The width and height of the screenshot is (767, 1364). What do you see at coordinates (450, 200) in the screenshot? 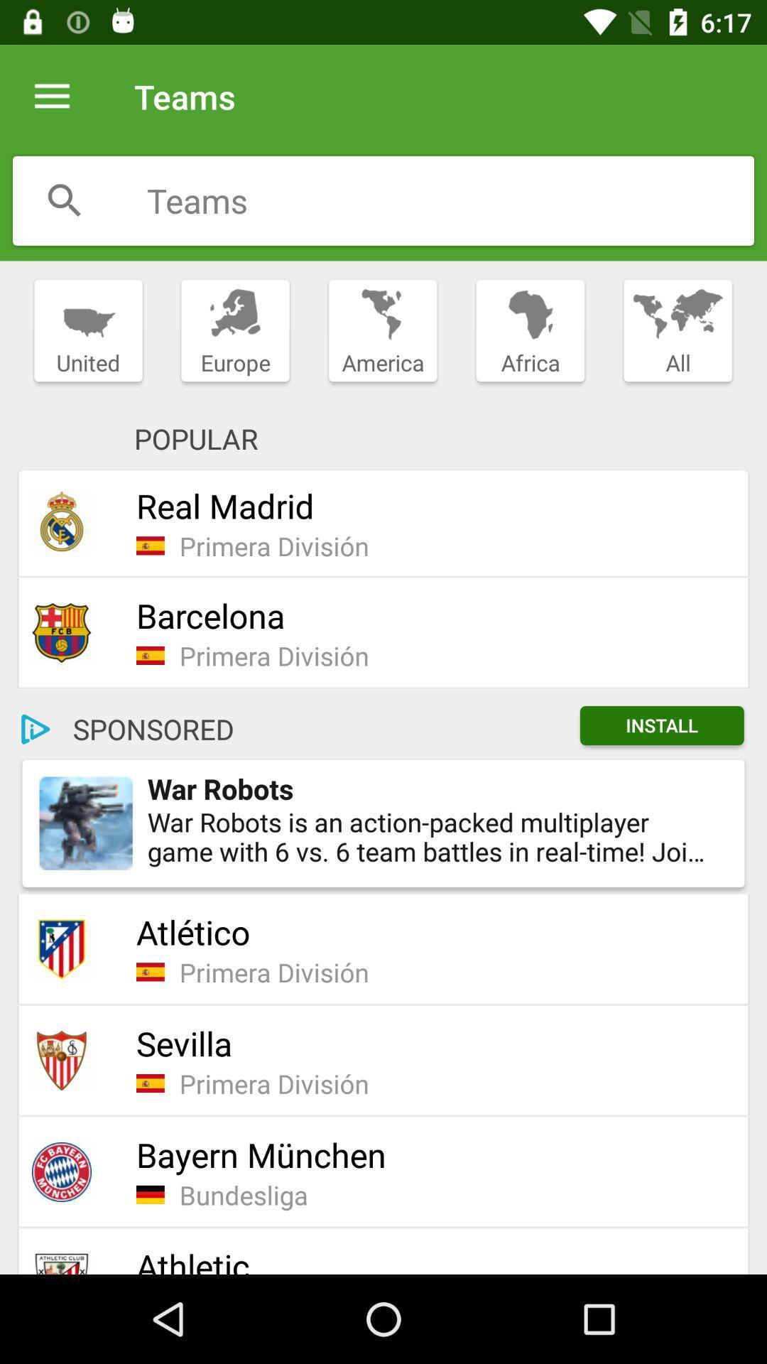
I see `search` at bounding box center [450, 200].